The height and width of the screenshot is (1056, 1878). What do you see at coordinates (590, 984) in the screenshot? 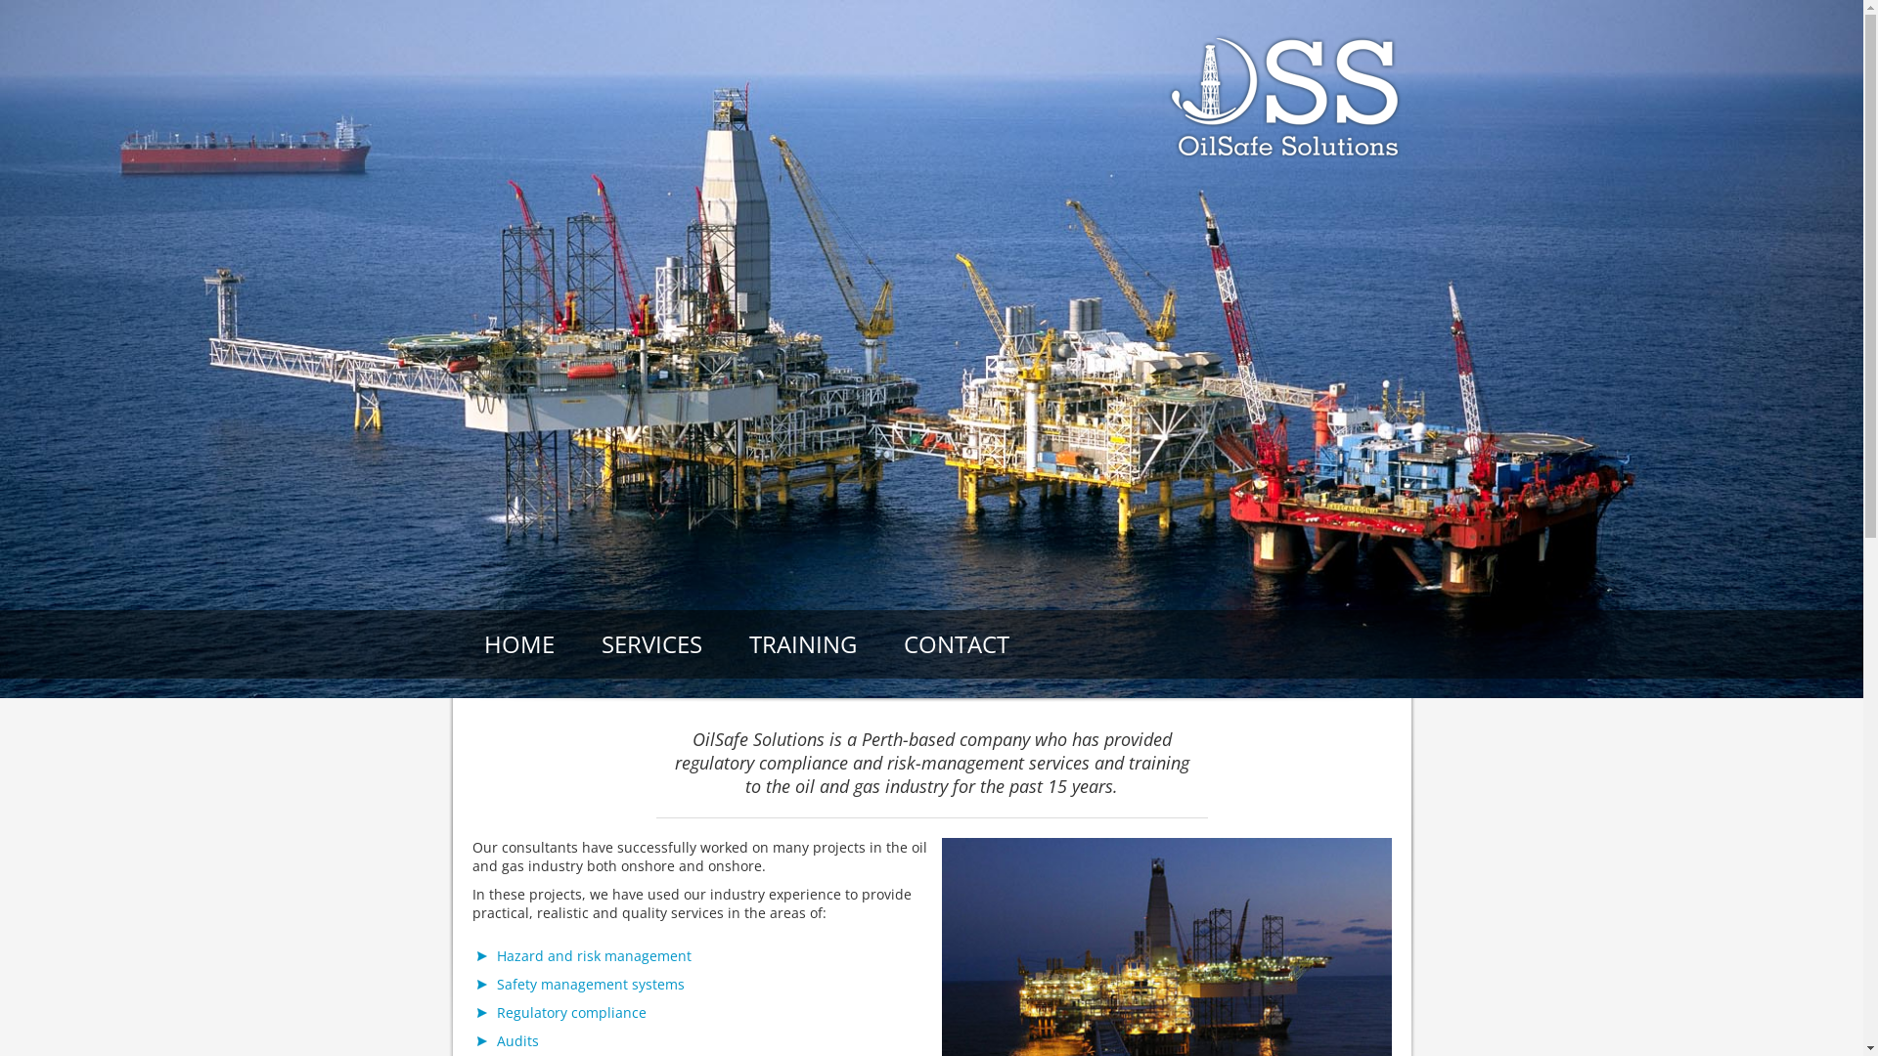
I see `'Safety management systems'` at bounding box center [590, 984].